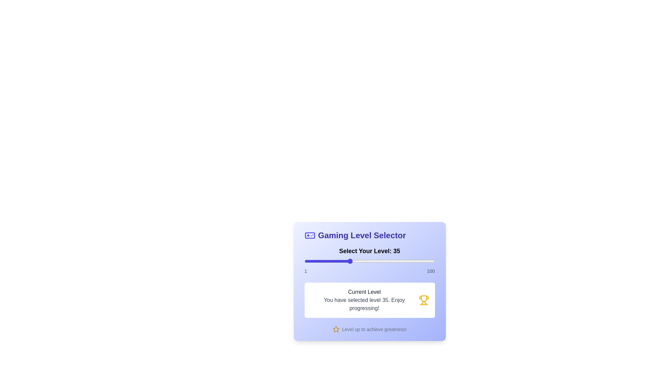 Image resolution: width=652 pixels, height=366 pixels. What do you see at coordinates (421, 261) in the screenshot?
I see `the gaming level` at bounding box center [421, 261].